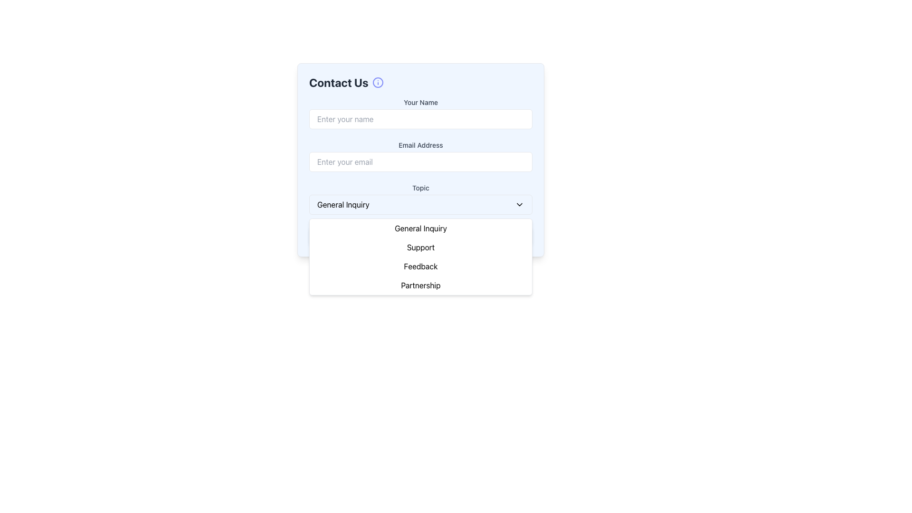 The image size is (912, 513). What do you see at coordinates (420, 228) in the screenshot?
I see `the first option in the dropdown list labeled 'General Inquiry'` at bounding box center [420, 228].